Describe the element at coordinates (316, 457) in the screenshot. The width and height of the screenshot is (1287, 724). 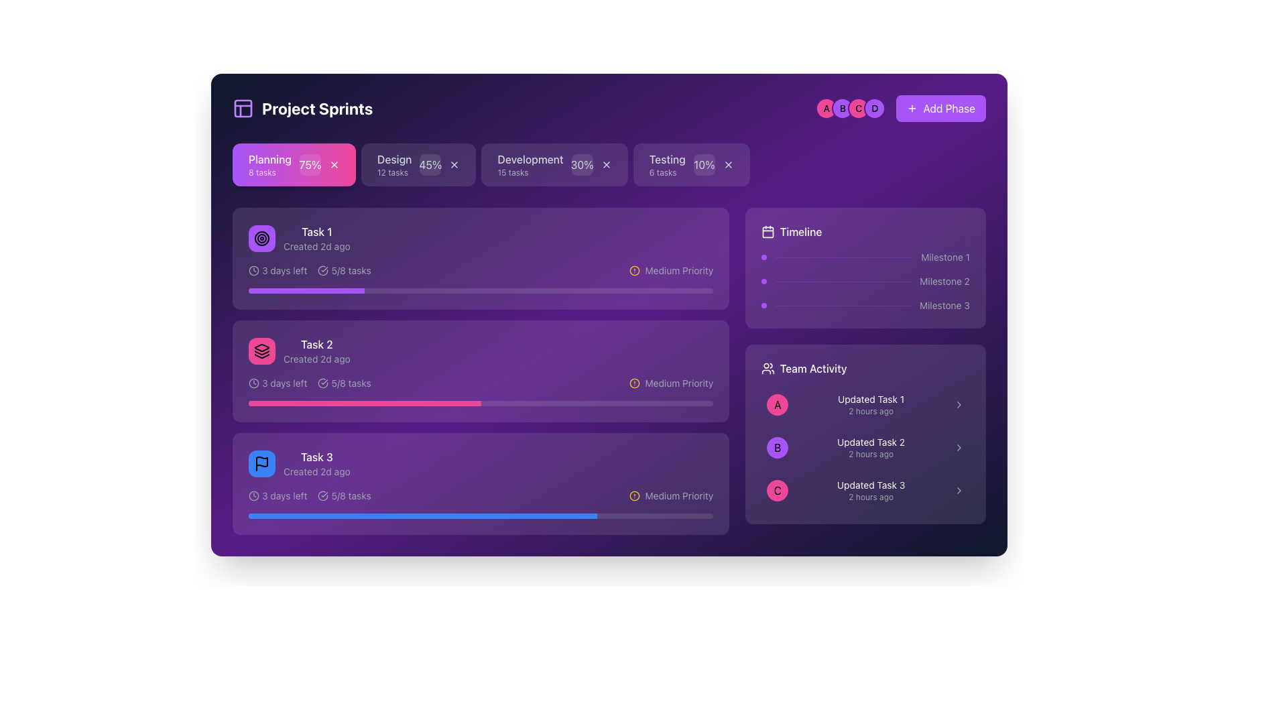
I see `the label for the third task item in the task list, which displays the text 'Task 3'` at that location.